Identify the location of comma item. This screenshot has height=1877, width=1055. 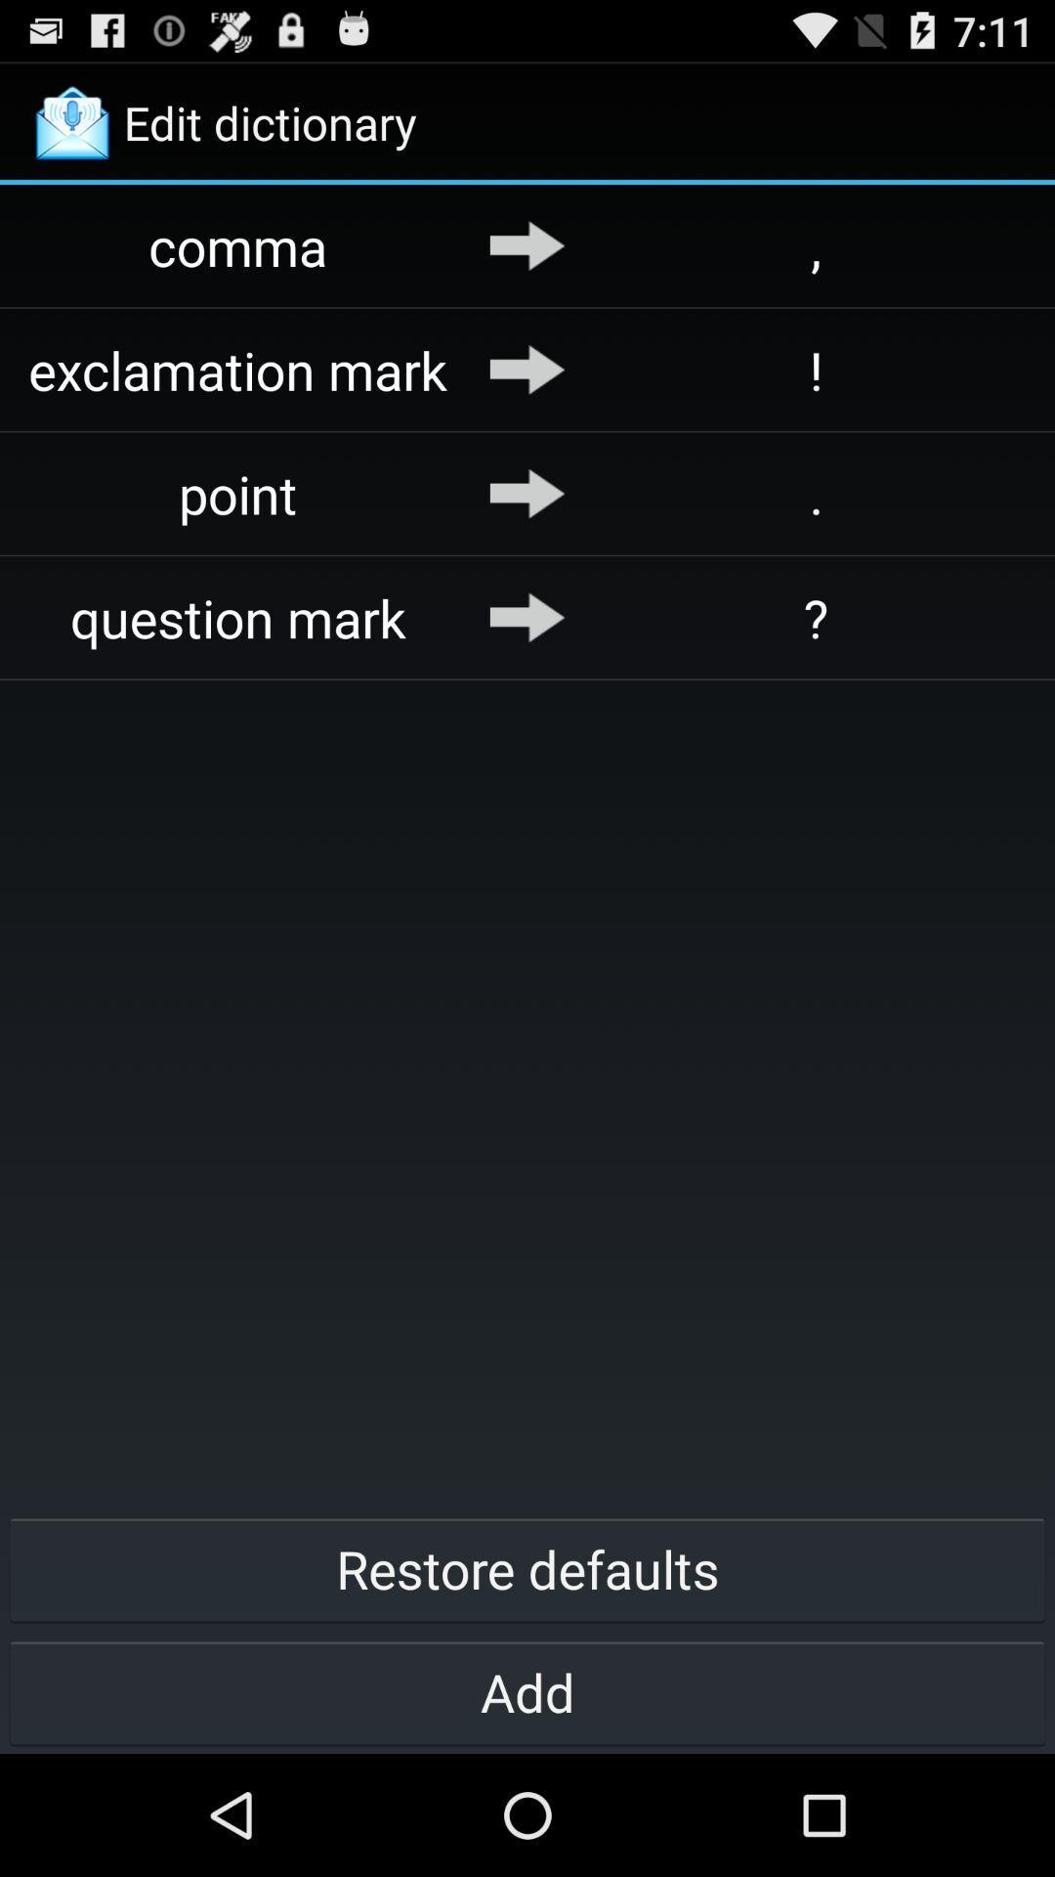
(237, 244).